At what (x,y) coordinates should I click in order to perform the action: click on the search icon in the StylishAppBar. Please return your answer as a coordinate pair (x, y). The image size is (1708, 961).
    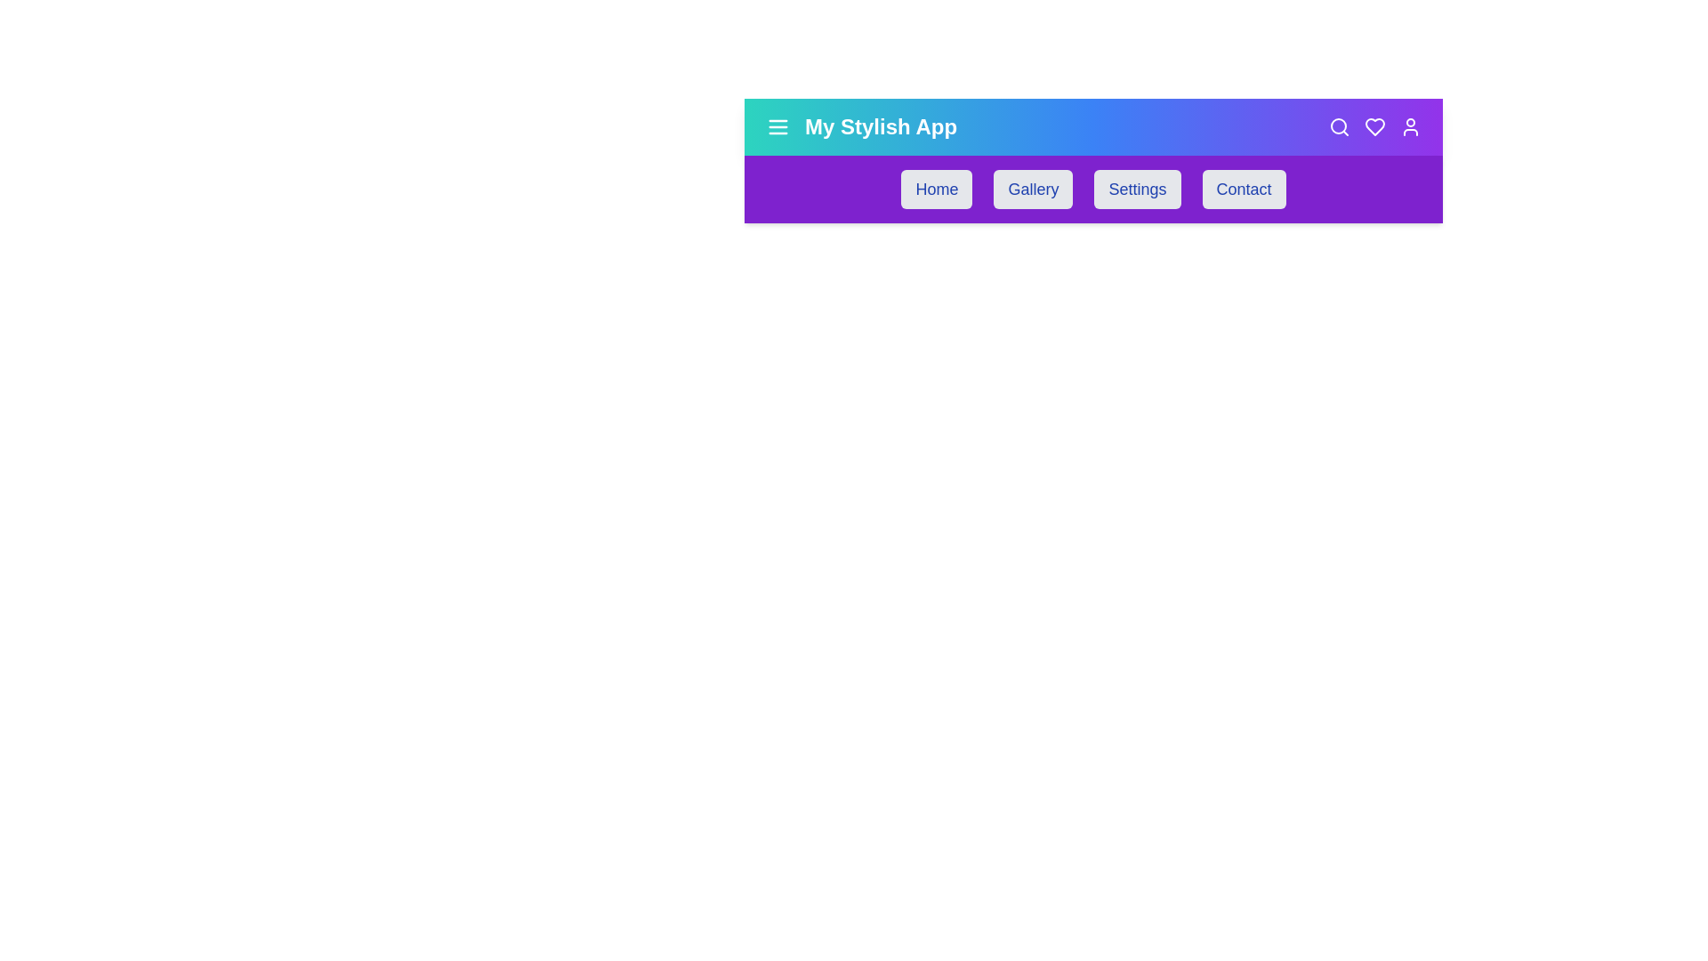
    Looking at the image, I should click on (1340, 125).